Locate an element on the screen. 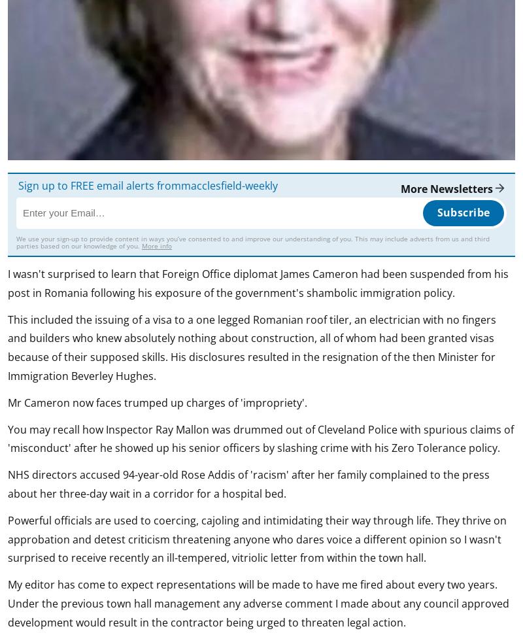 This screenshot has width=523, height=635. 'macclesfield' is located at coordinates (211, 184).